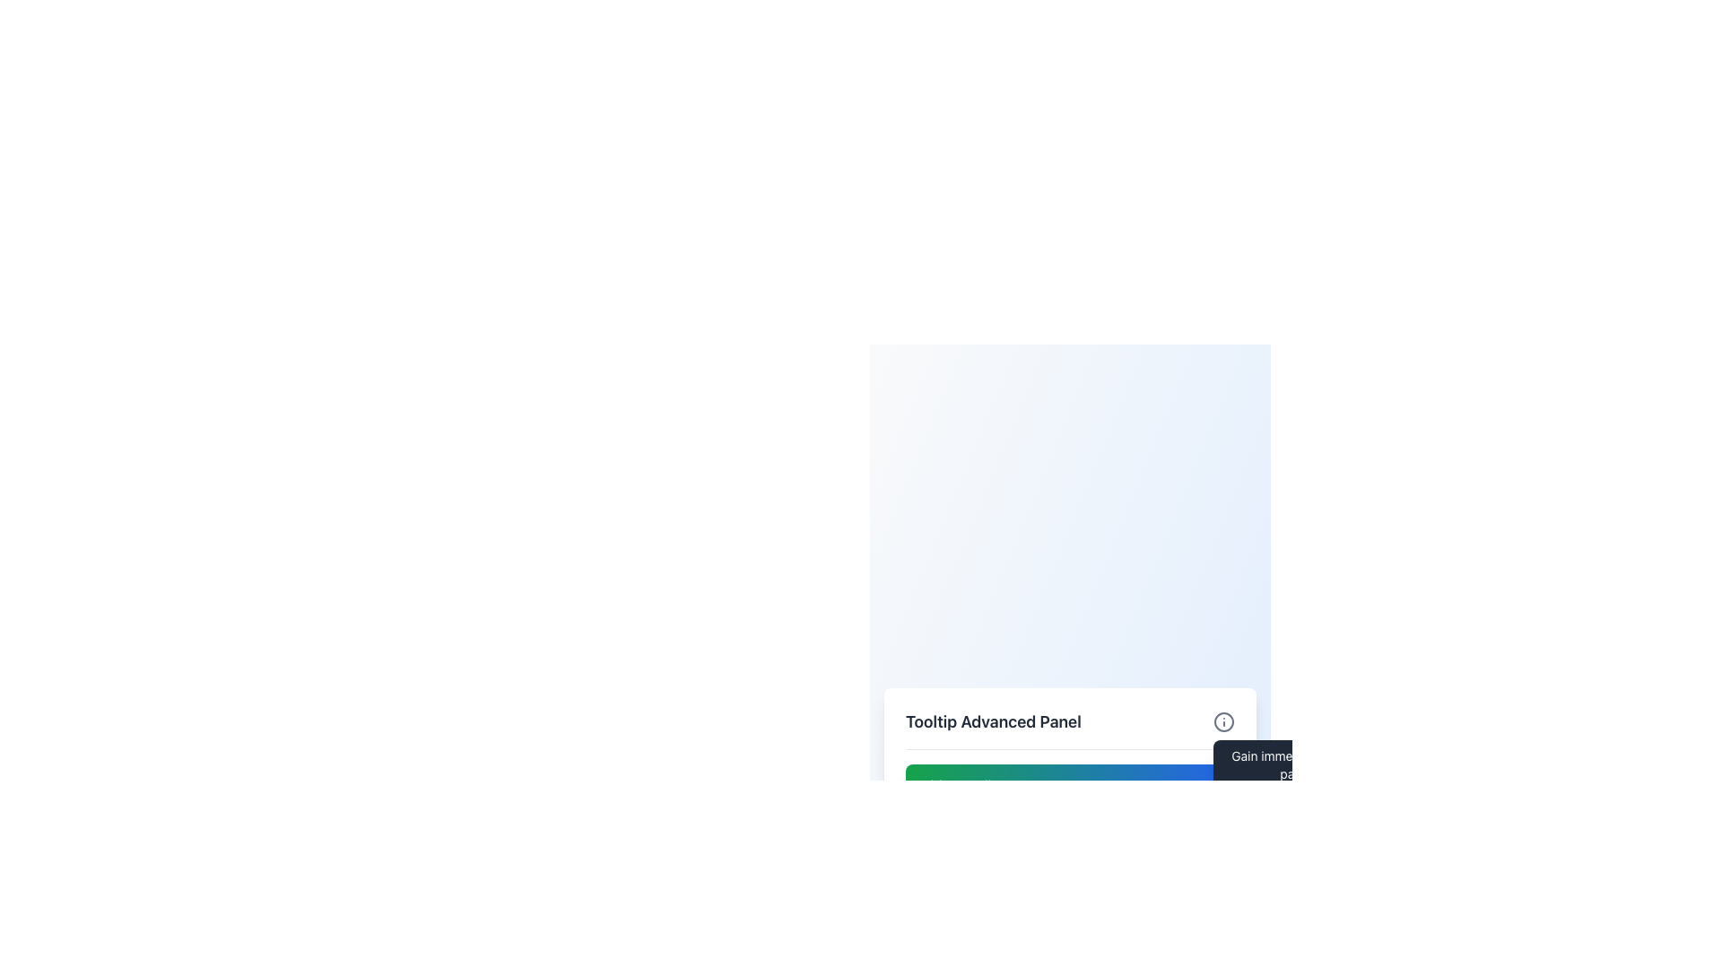  What do you see at coordinates (1222, 721) in the screenshot?
I see `the small circular Tooltip trigger icon located at the top right corner of the 'Tooltip Advanced Panel'` at bounding box center [1222, 721].